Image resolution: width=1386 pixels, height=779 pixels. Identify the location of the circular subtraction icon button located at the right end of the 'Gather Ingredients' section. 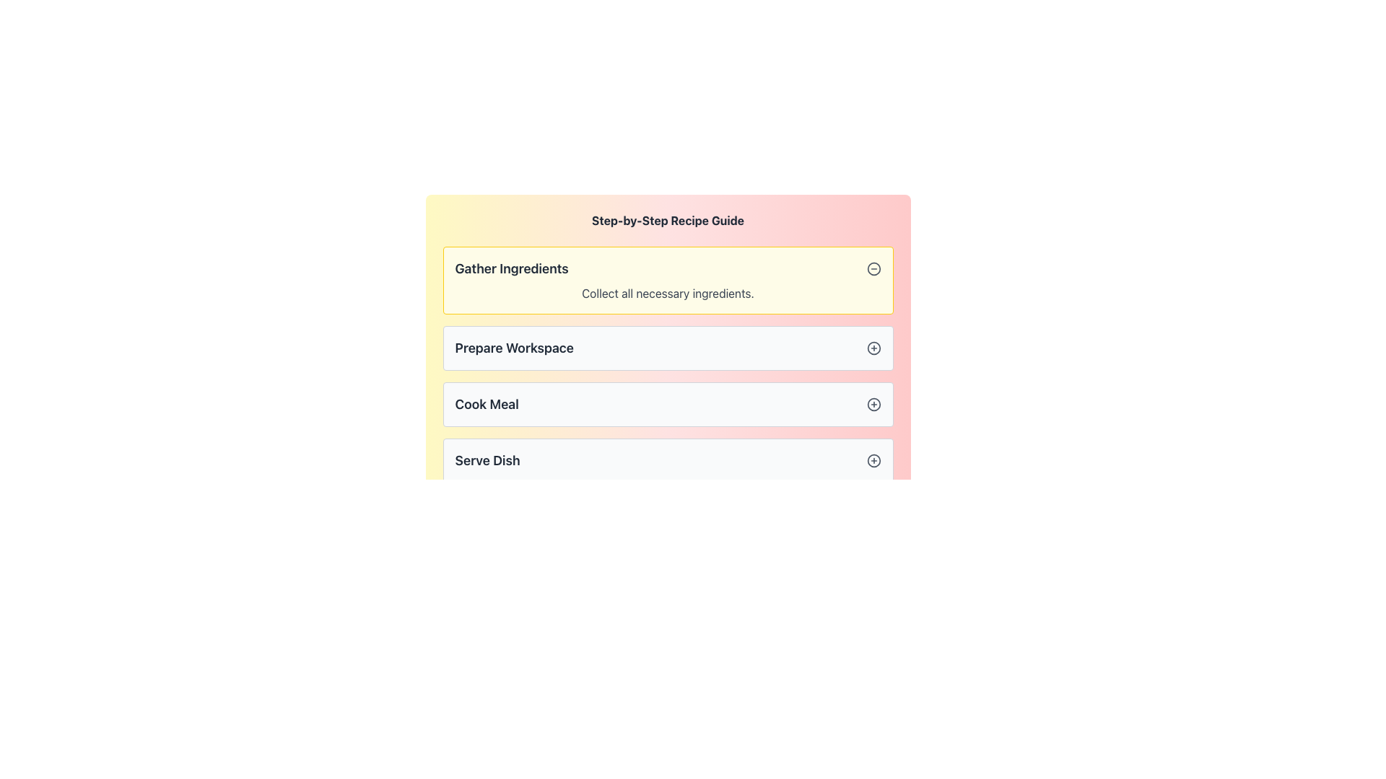
(873, 269).